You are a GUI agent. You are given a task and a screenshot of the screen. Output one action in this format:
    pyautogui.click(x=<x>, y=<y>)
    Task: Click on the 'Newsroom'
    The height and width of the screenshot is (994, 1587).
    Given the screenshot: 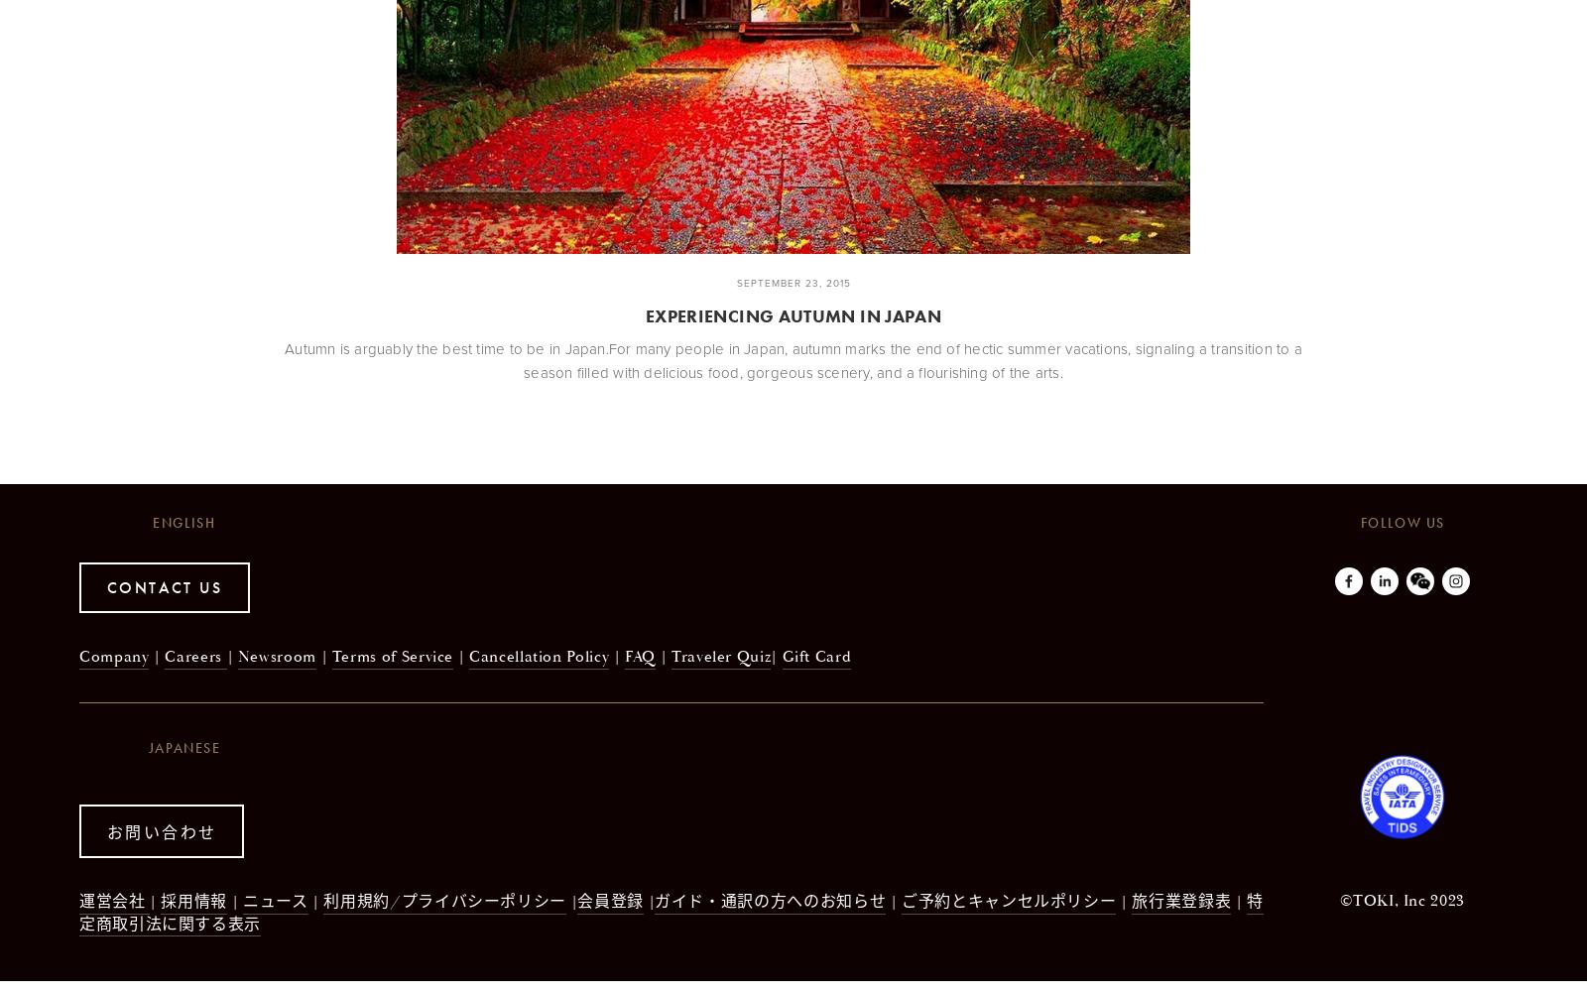 What is the action you would take?
    pyautogui.click(x=276, y=655)
    